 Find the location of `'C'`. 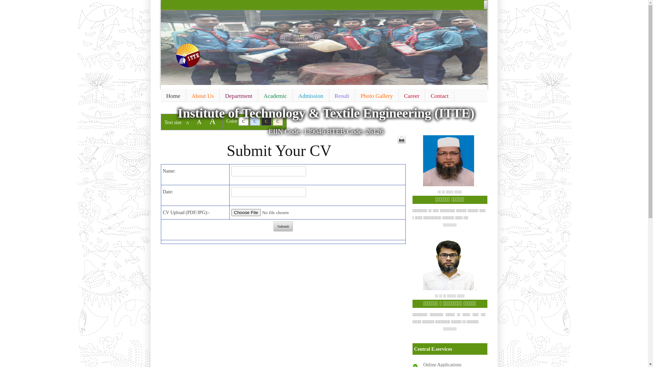

'C' is located at coordinates (261, 121).